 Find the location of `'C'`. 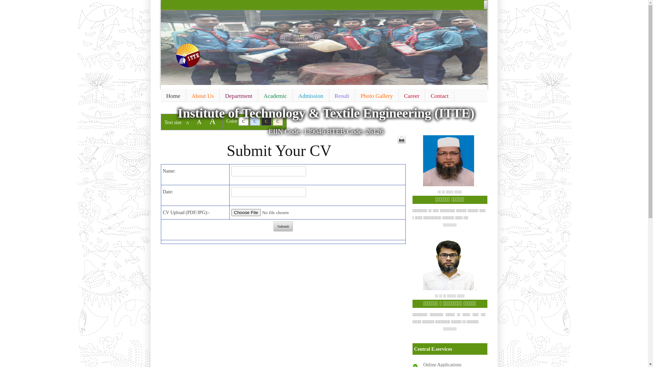

'C' is located at coordinates (261, 121).